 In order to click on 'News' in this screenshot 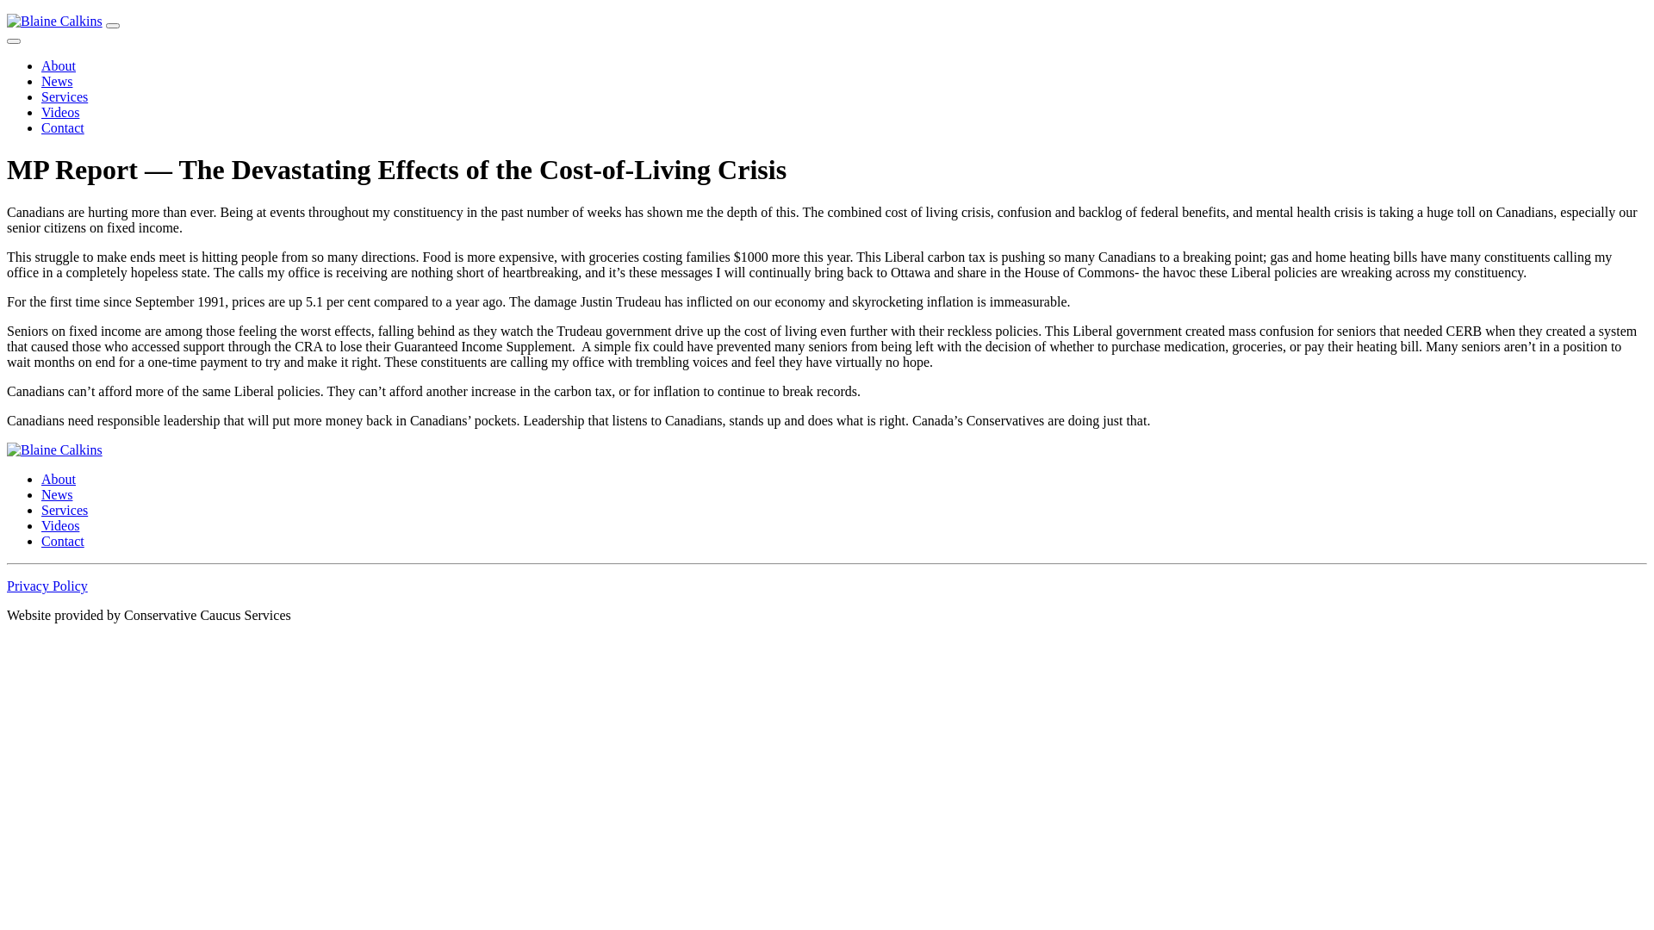, I will do `click(57, 494)`.